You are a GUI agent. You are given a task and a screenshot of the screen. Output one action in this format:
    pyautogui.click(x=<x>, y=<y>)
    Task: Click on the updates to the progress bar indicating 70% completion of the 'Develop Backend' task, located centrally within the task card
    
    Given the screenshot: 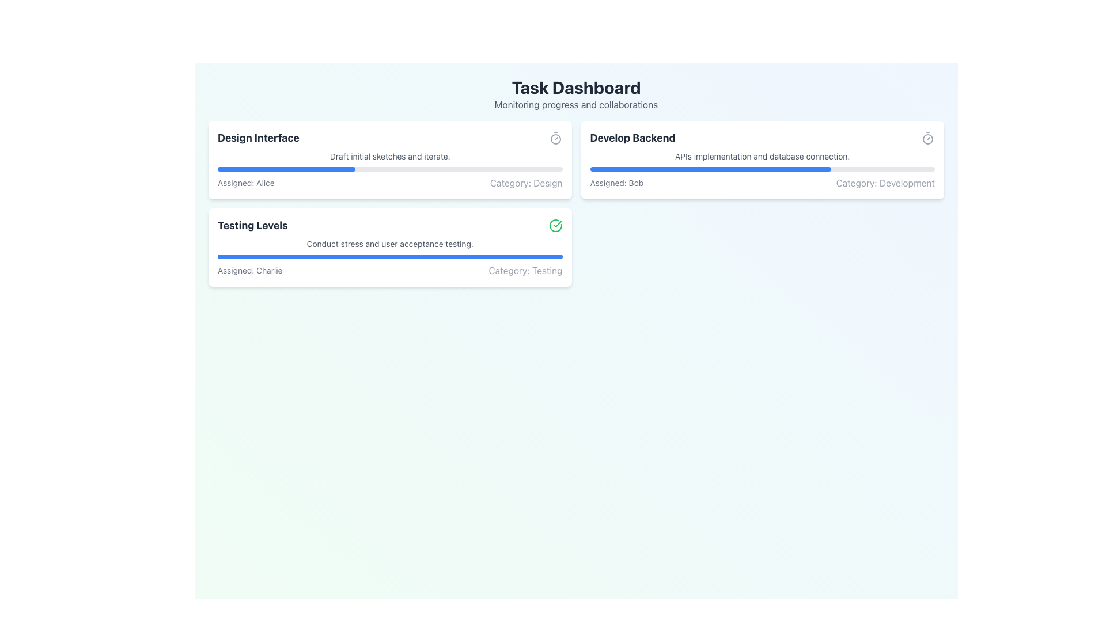 What is the action you would take?
    pyautogui.click(x=762, y=169)
    